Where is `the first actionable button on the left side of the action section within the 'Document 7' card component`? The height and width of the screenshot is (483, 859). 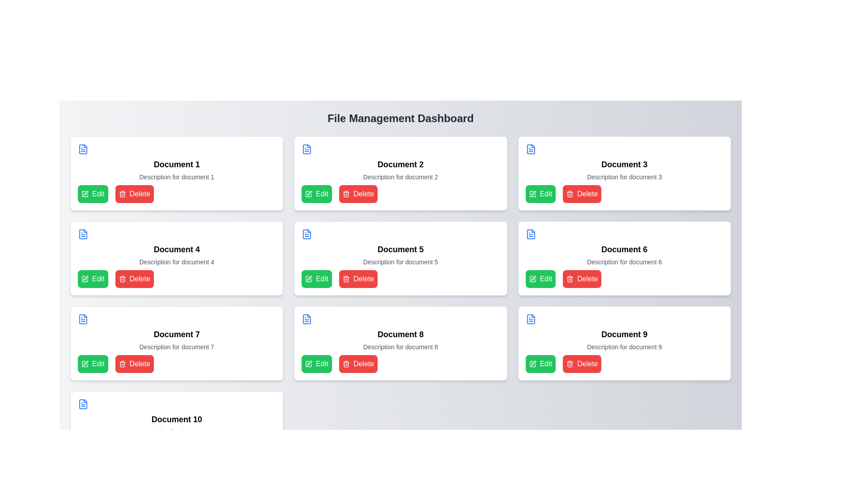 the first actionable button on the left side of the action section within the 'Document 7' card component is located at coordinates (93, 364).